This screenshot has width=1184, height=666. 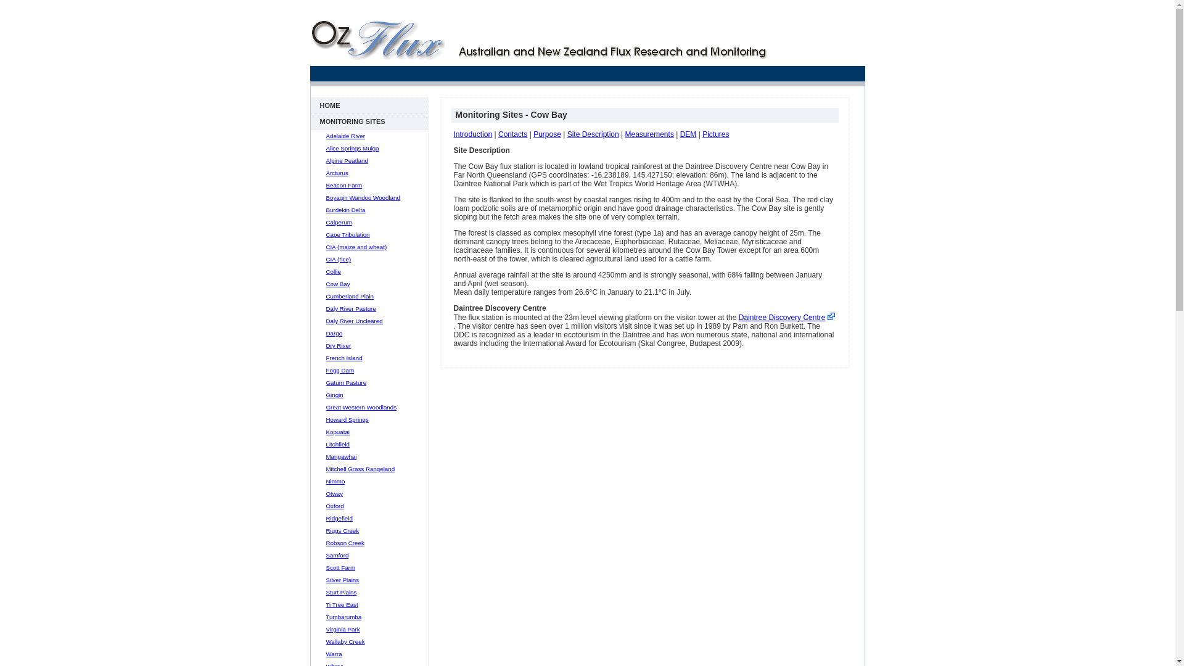 I want to click on 'Scott Farm', so click(x=340, y=567).